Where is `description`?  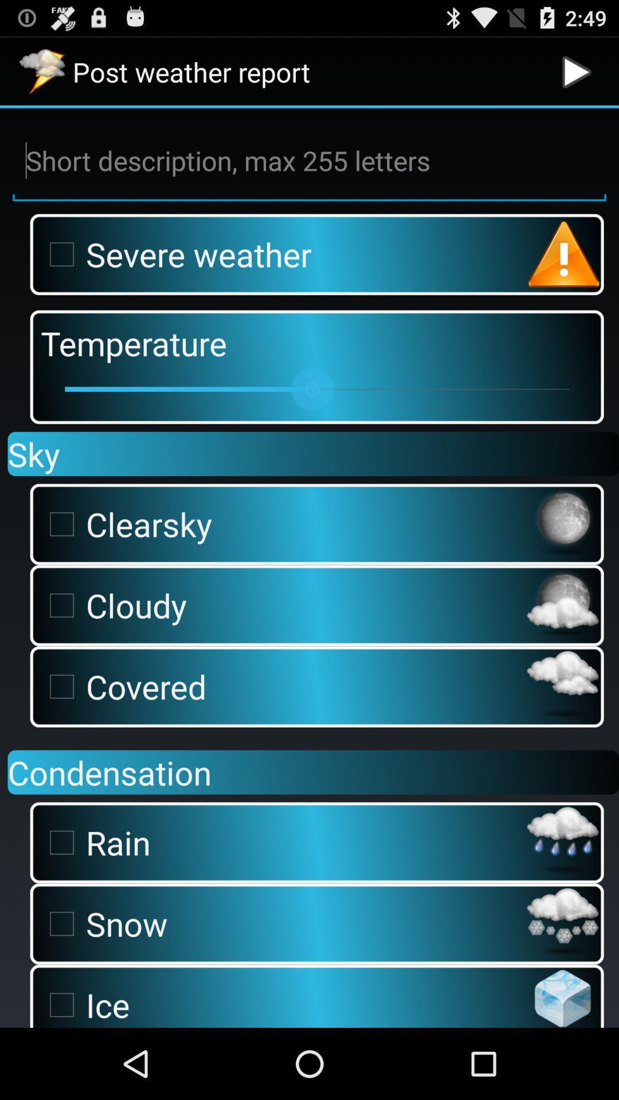 description is located at coordinates (309, 160).